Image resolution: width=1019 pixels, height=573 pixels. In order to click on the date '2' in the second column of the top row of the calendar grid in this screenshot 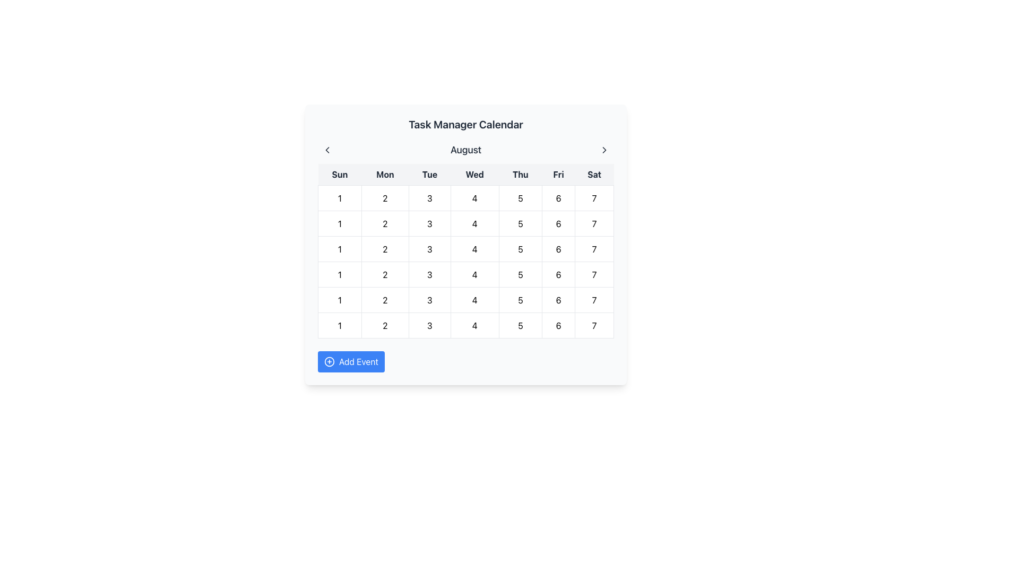, I will do `click(384, 198)`.